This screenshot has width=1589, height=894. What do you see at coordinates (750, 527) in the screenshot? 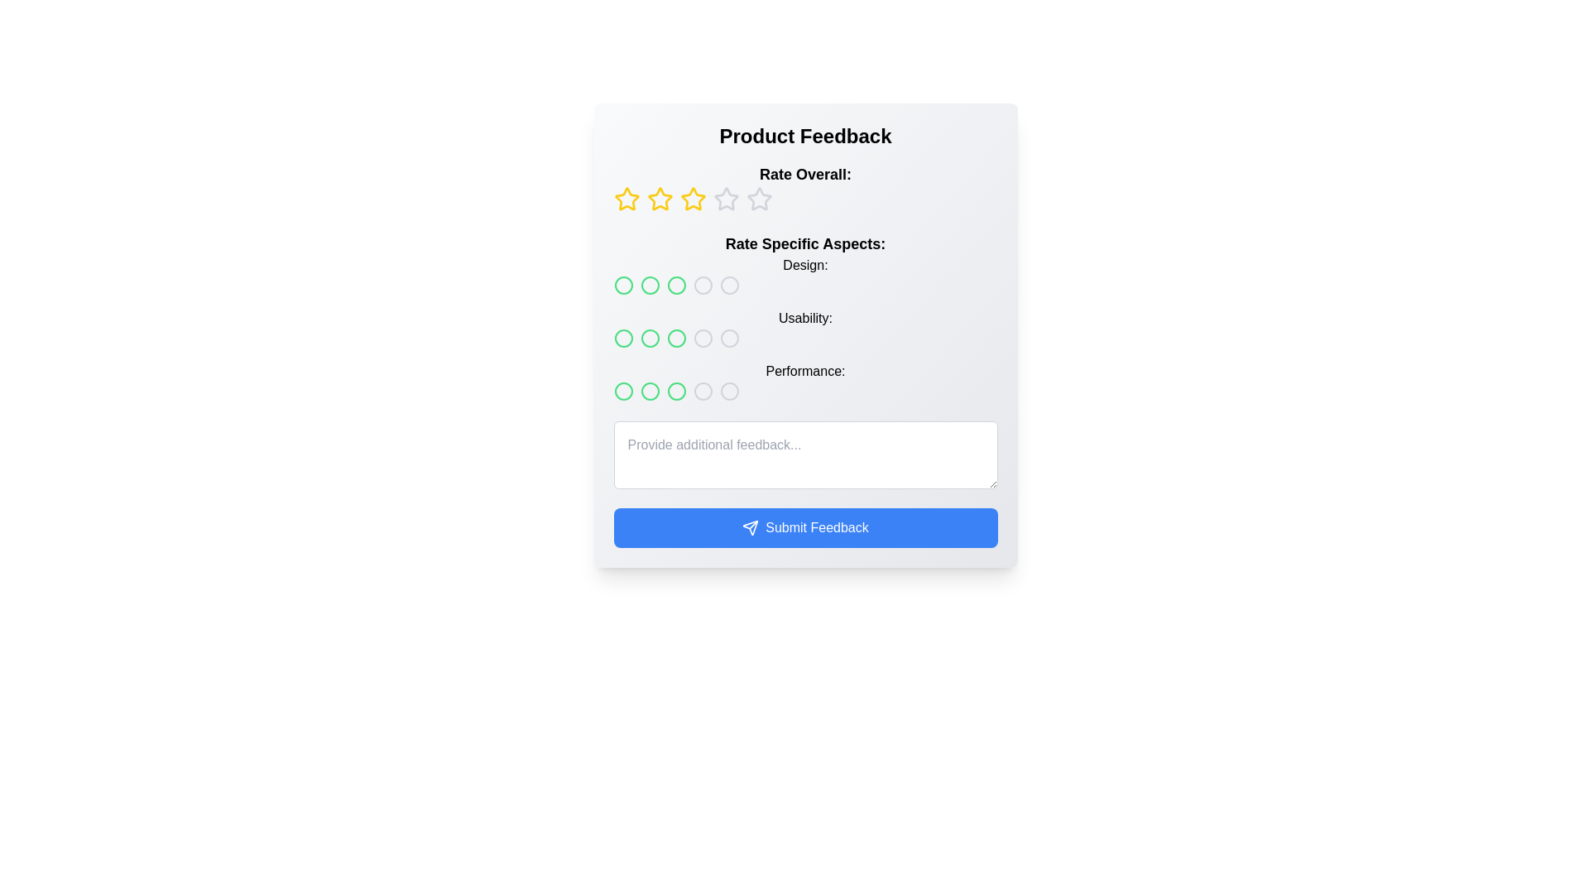
I see `the blue button labeled 'Submit Feedback'` at bounding box center [750, 527].